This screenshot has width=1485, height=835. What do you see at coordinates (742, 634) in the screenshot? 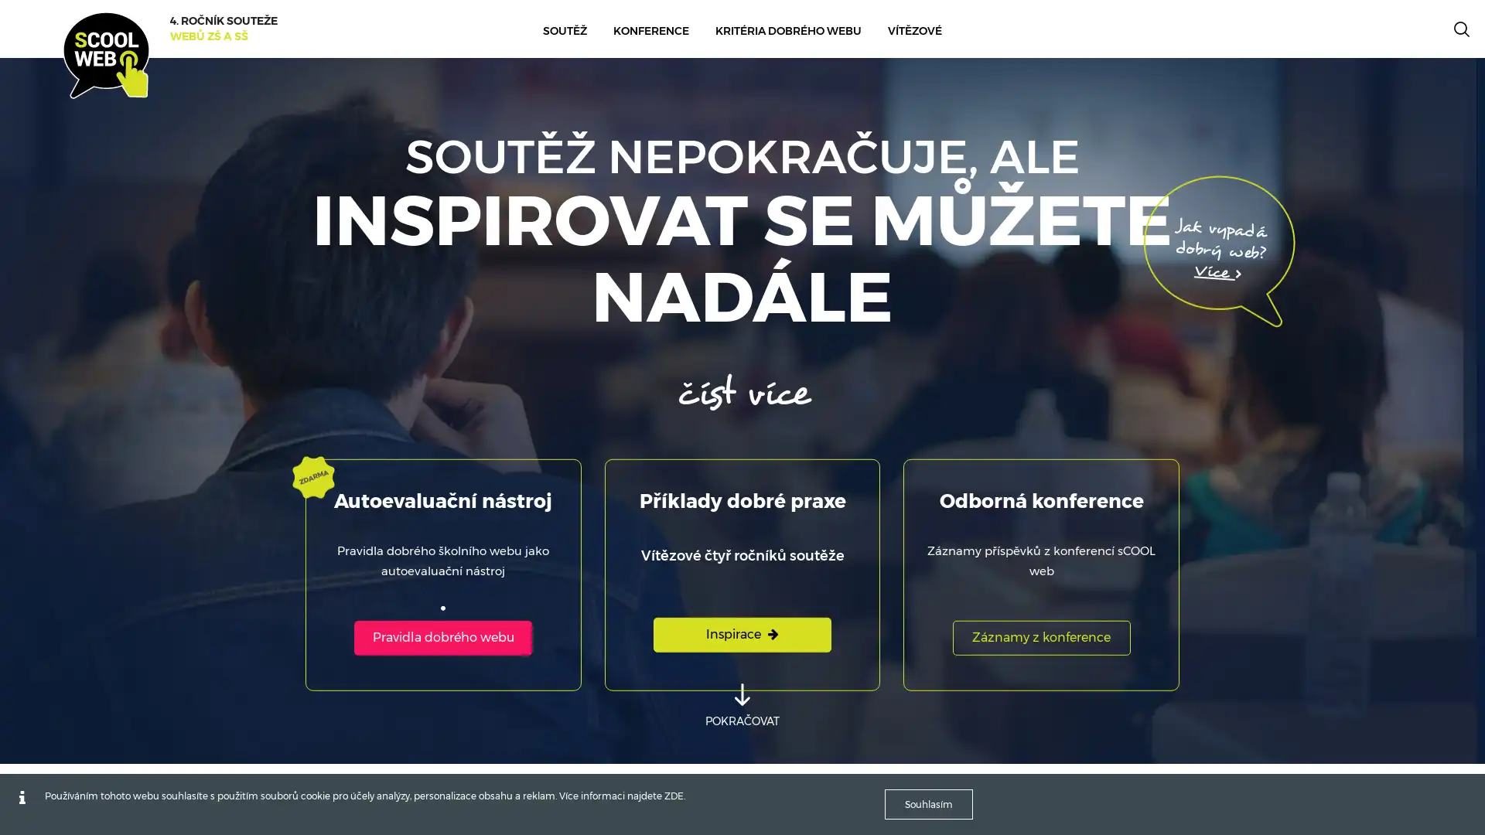
I see `Inspirace` at bounding box center [742, 634].